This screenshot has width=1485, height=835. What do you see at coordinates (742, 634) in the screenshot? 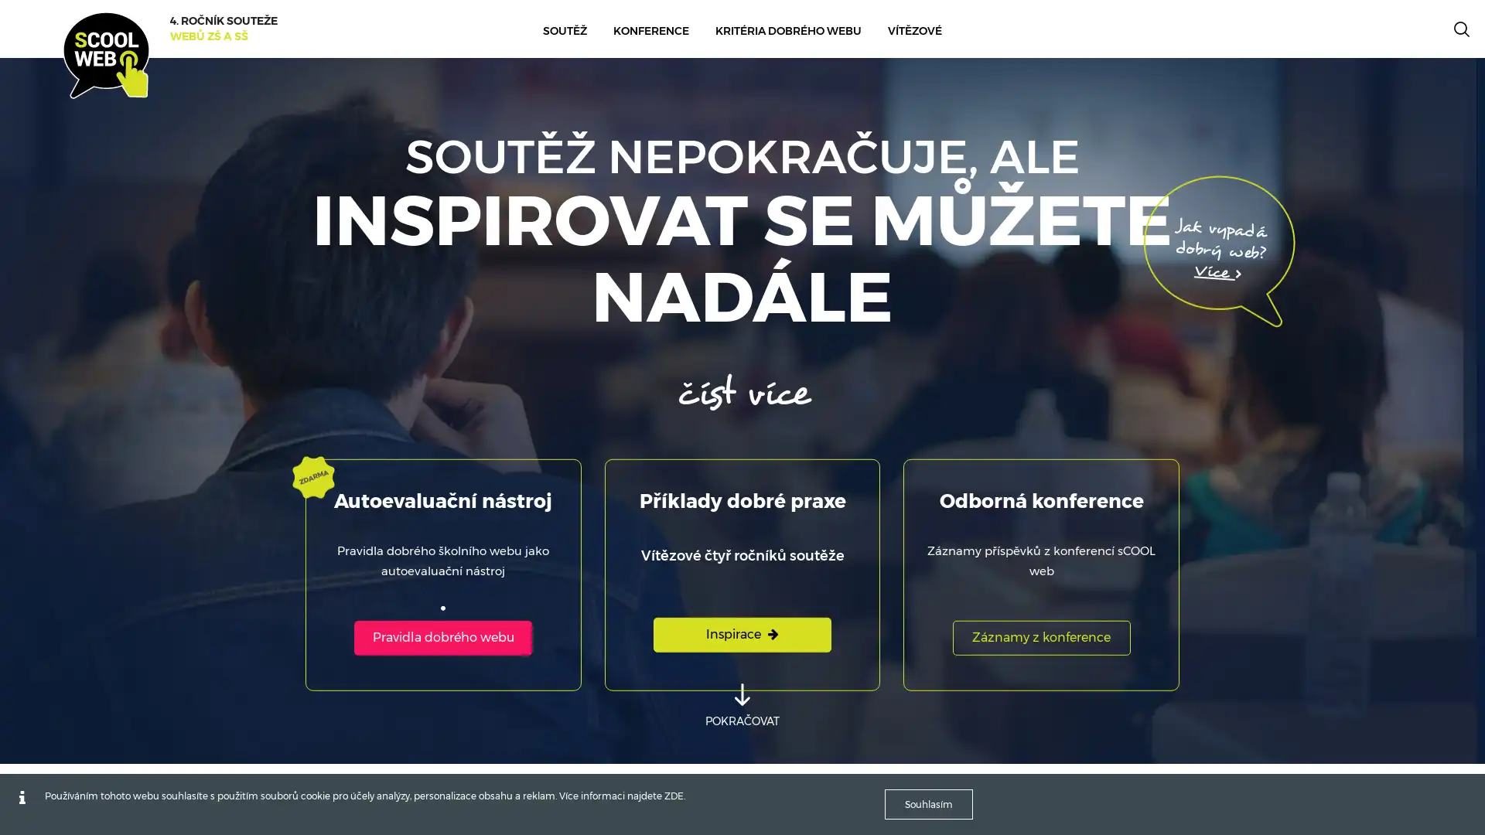
I see `Inspirace` at bounding box center [742, 634].